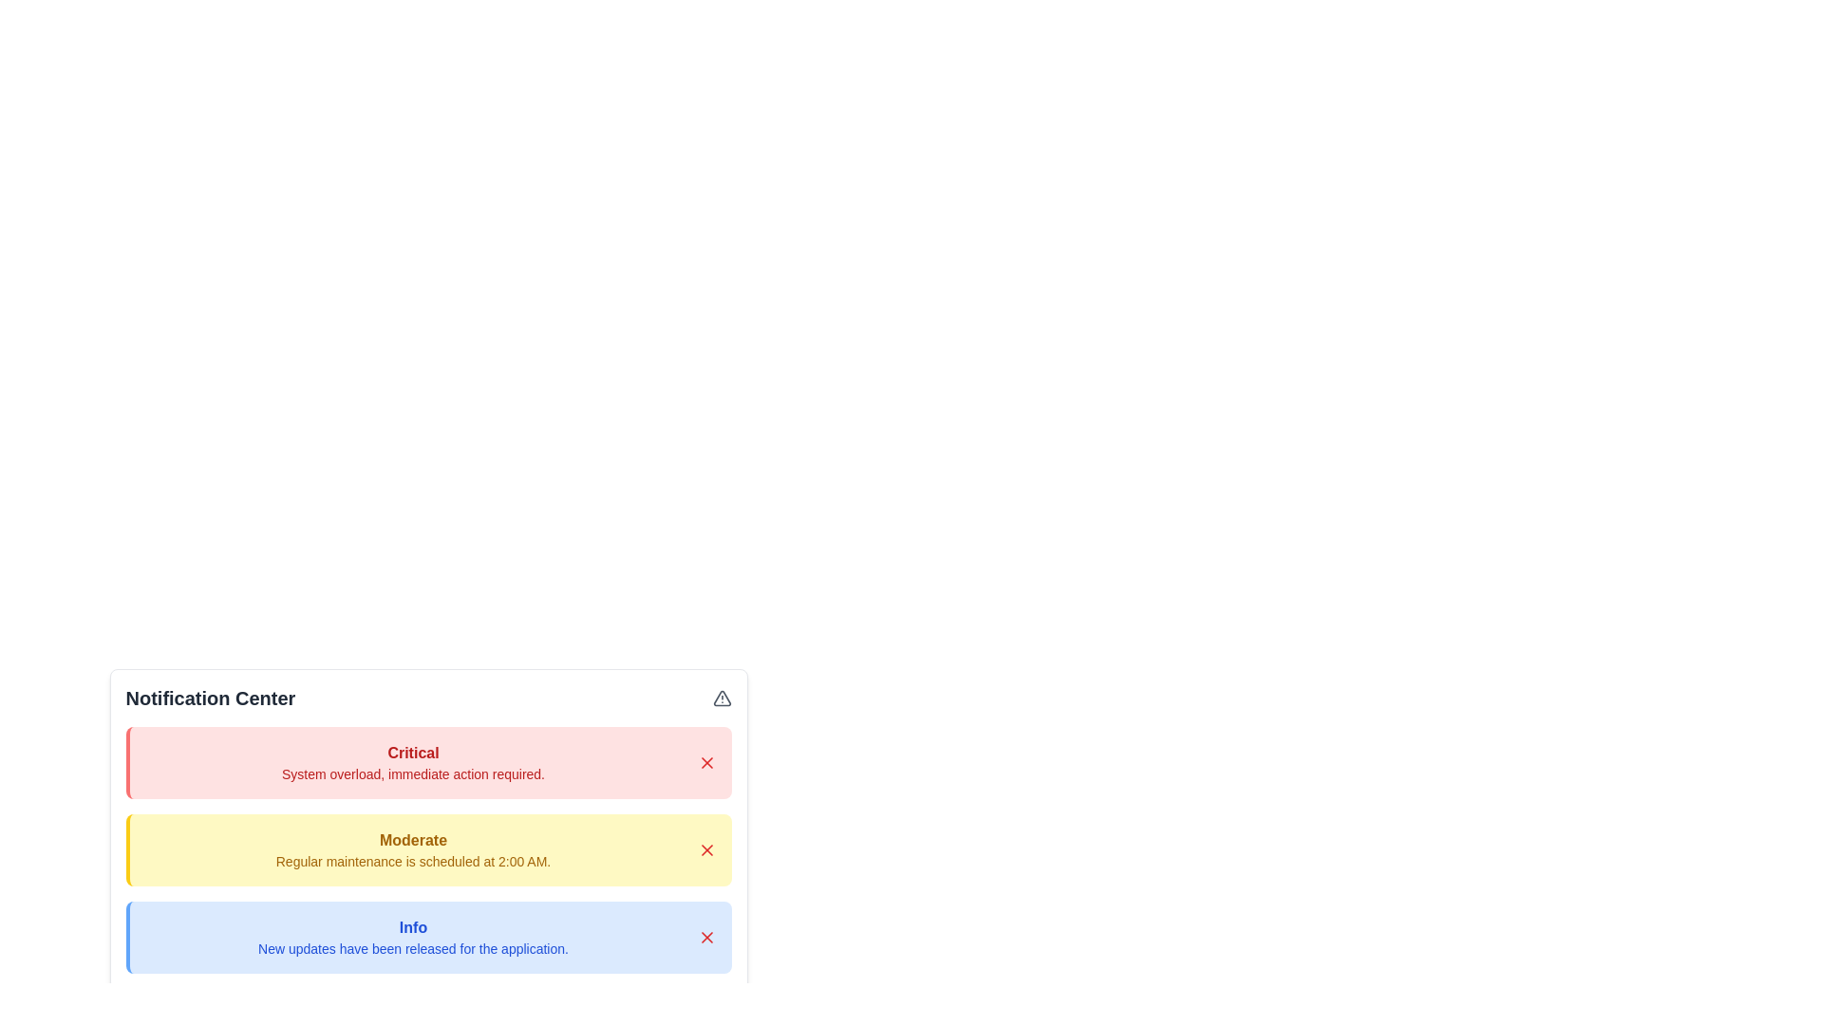  What do you see at coordinates (412, 761) in the screenshot?
I see `the notification with level Critical to view its details` at bounding box center [412, 761].